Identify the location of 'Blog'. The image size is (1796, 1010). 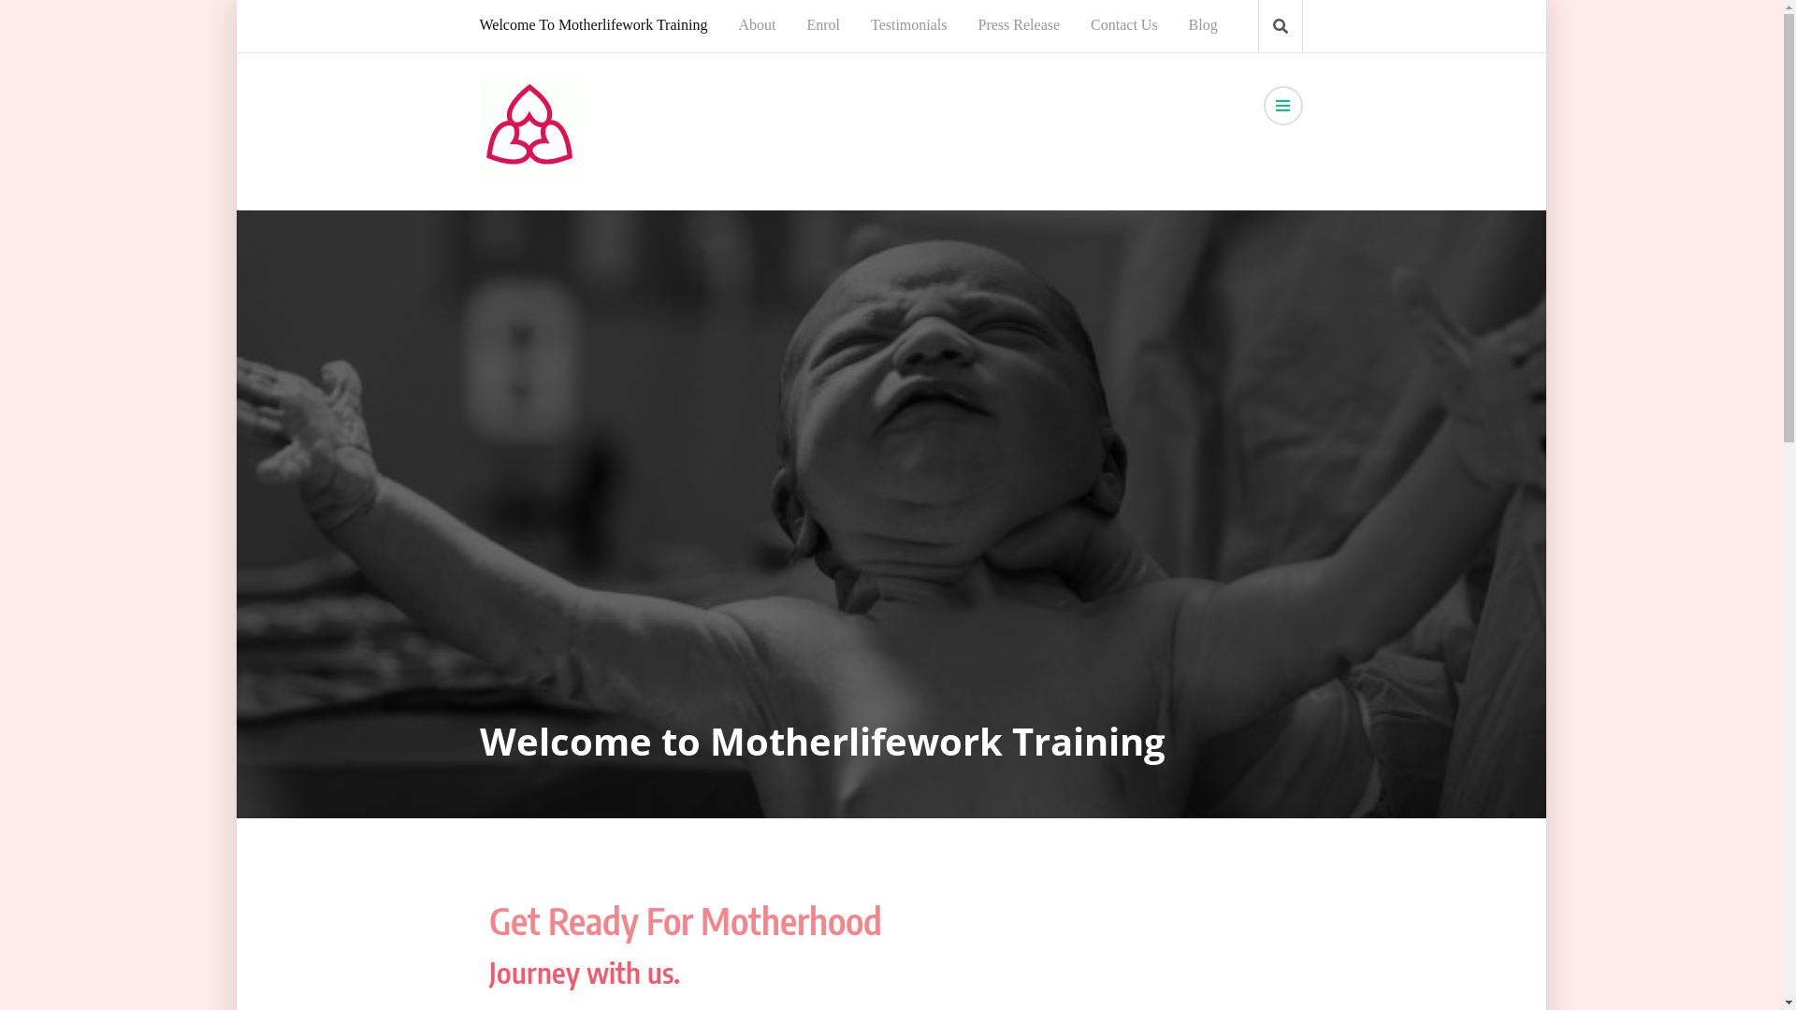
(1203, 25).